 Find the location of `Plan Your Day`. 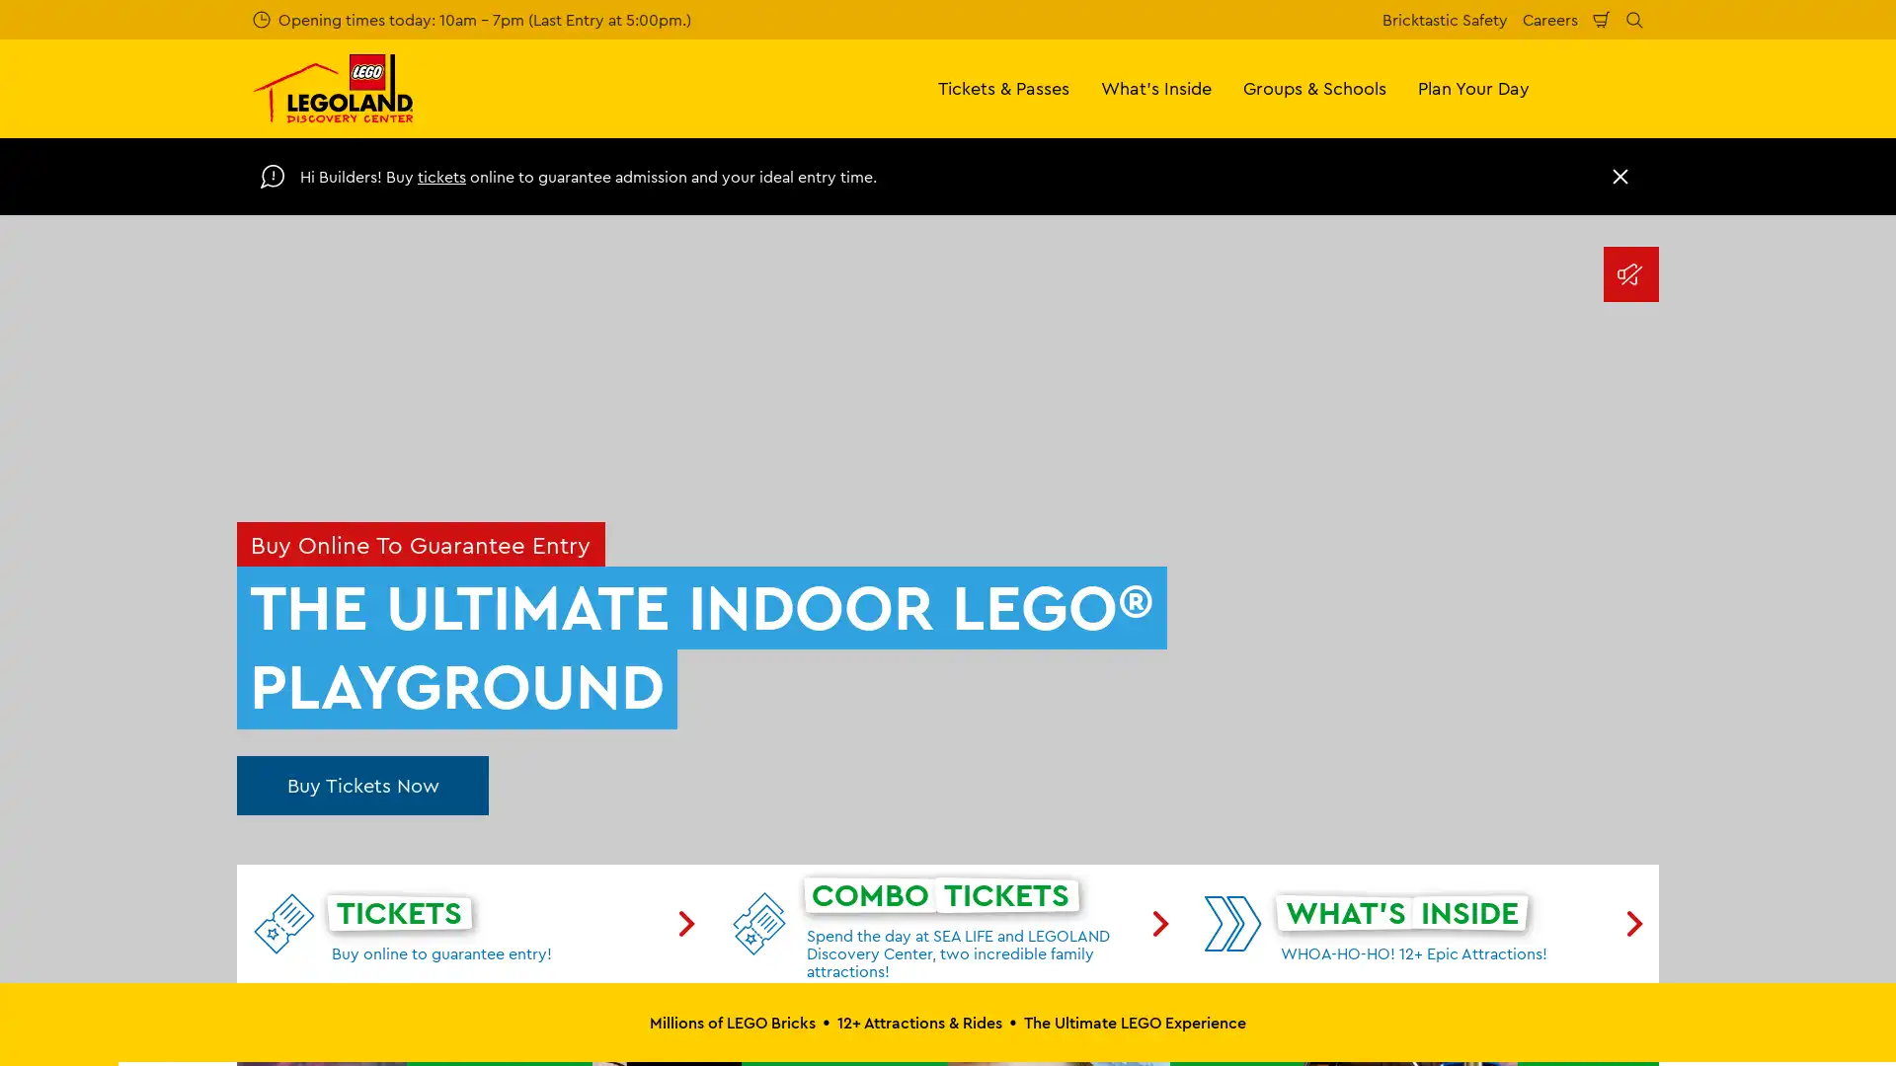

Plan Your Day is located at coordinates (1473, 87).